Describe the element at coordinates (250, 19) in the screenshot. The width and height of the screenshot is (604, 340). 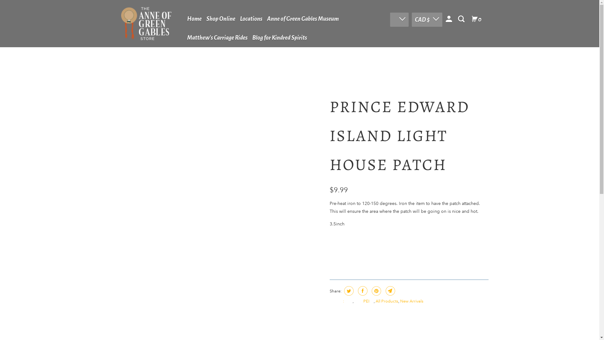
I see `'Locations'` at that location.